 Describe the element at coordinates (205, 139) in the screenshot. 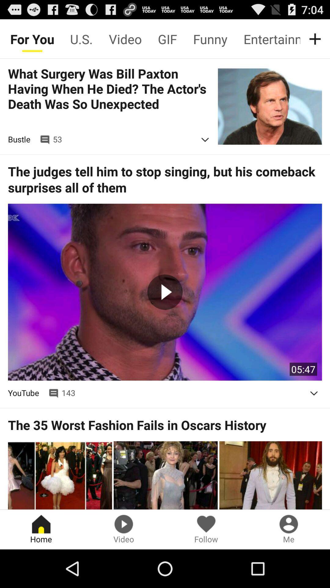

I see `press for info` at that location.